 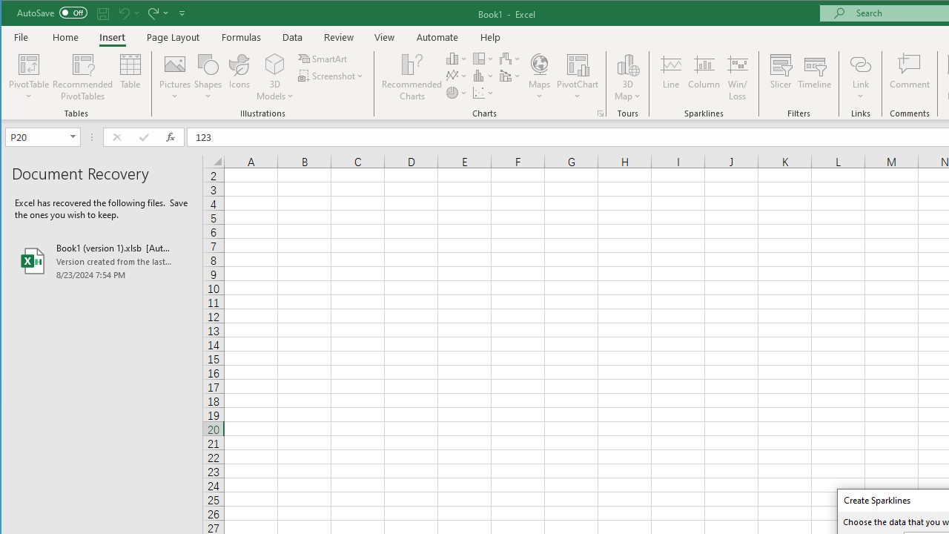 I want to click on 'PivotTable', so click(x=29, y=77).